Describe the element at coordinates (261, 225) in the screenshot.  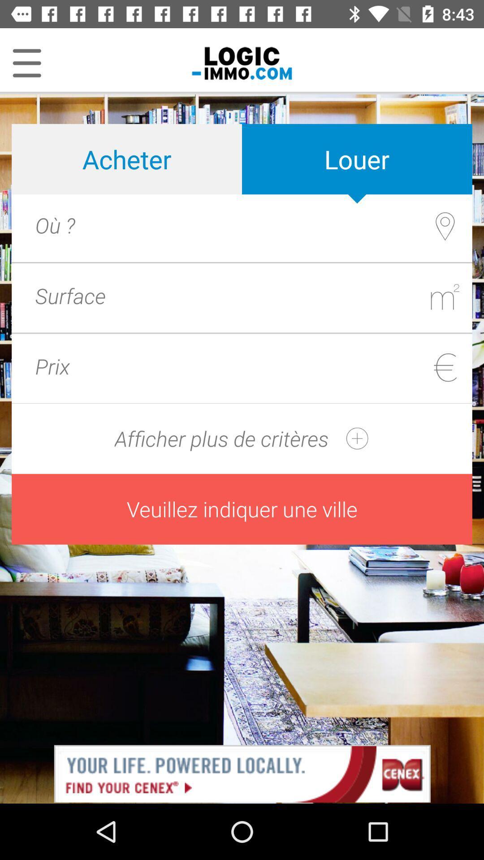
I see `location` at that location.